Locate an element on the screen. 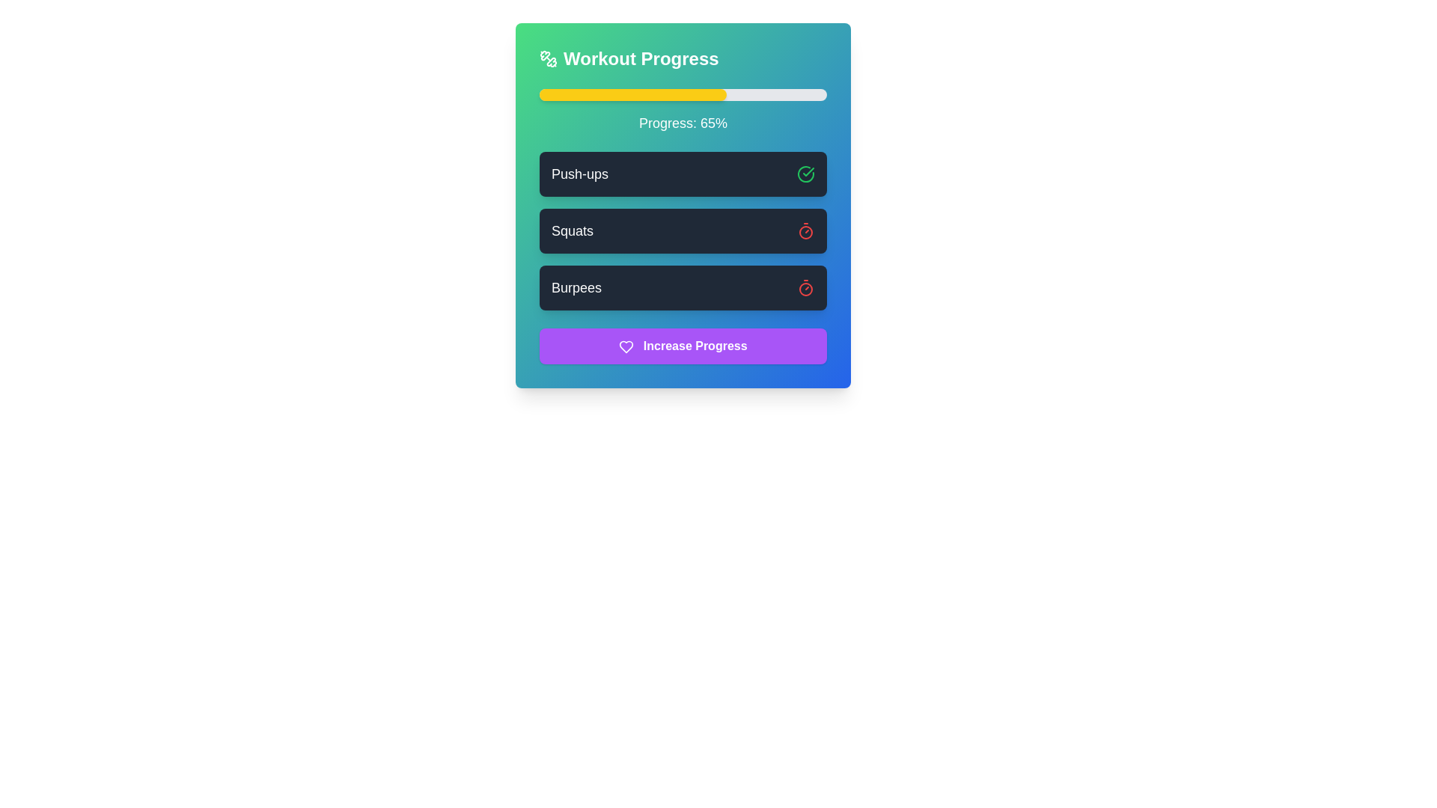 The width and height of the screenshot is (1437, 808). the horizontal progress bar with a gray background and yellow foreground located under the 'Workout Progress' header and above the 'Progress: 65%' text is located at coordinates (682, 95).